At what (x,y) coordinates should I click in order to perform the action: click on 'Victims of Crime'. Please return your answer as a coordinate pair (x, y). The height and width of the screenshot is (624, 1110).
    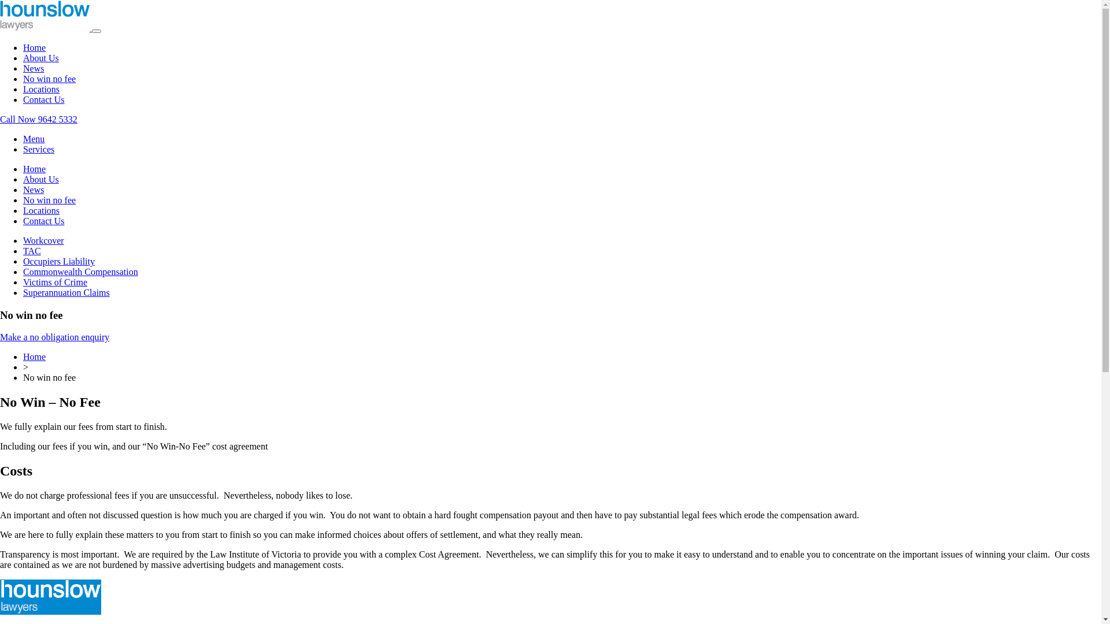
    Looking at the image, I should click on (54, 282).